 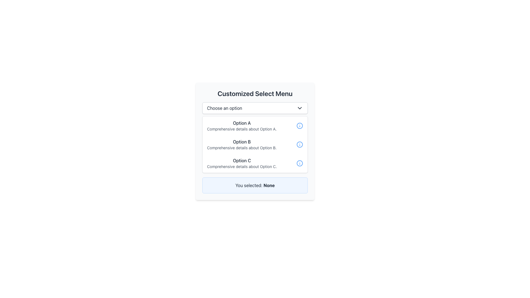 I want to click on the second menu option located beneath the 'Choose an option' dropdown, so click(x=255, y=144).